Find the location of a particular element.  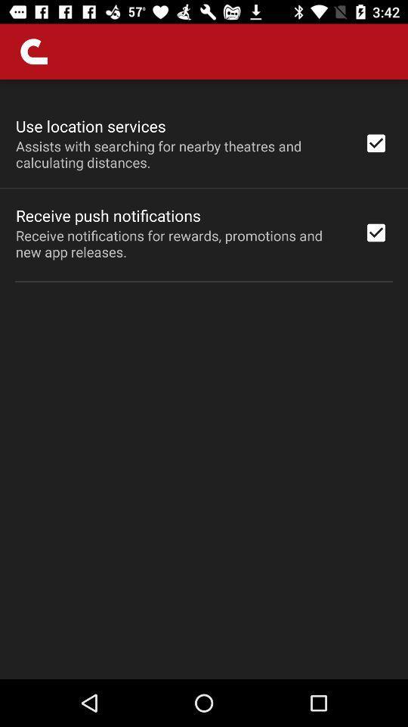

the item above receive push notifications item is located at coordinates (180, 154).